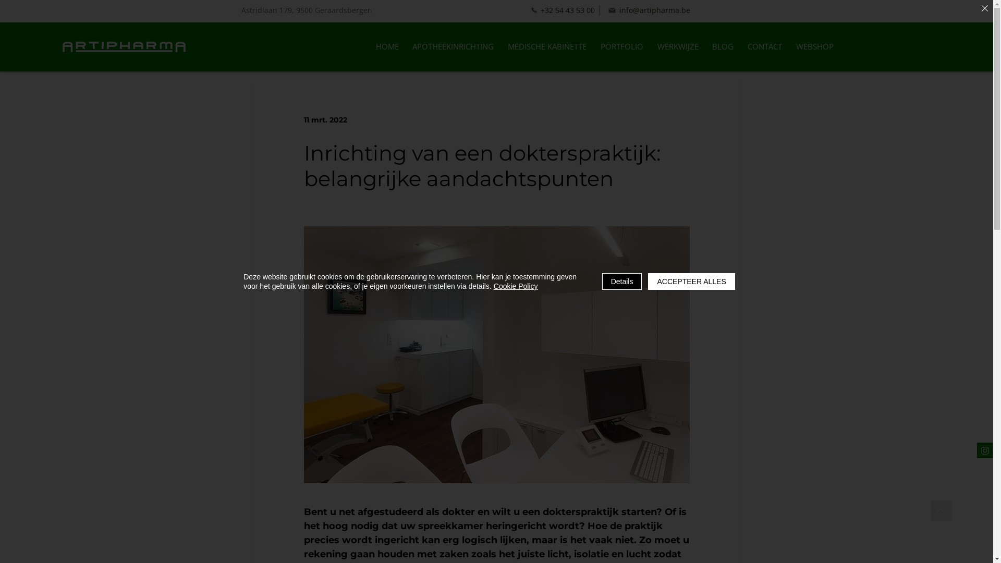 This screenshot has width=1001, height=563. I want to click on 'Cookie Policy', so click(516, 286).